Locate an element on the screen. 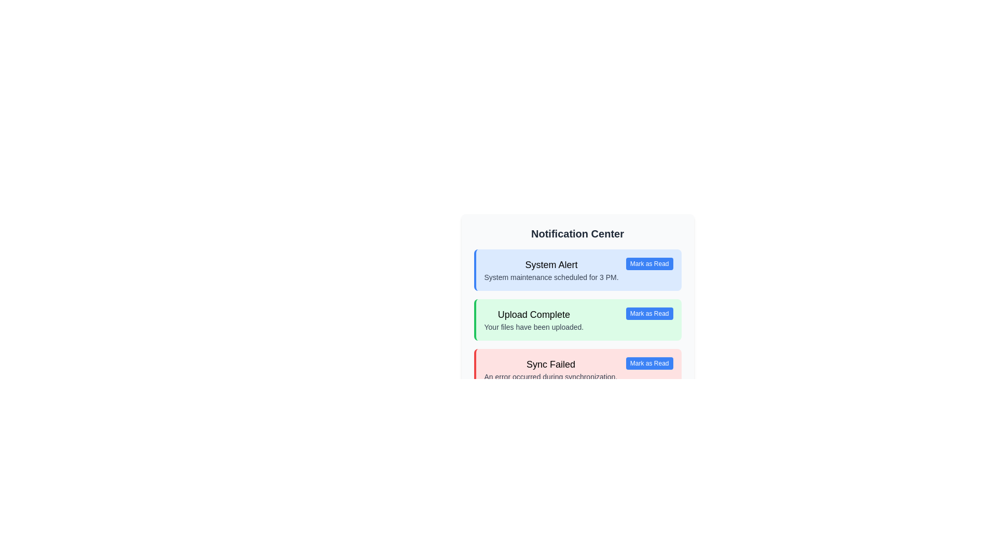 This screenshot has width=996, height=560. the 'System Alert' text label, which is styled with a larger font size and bold weight, located within the notification box in the Notification Center is located at coordinates (551, 264).